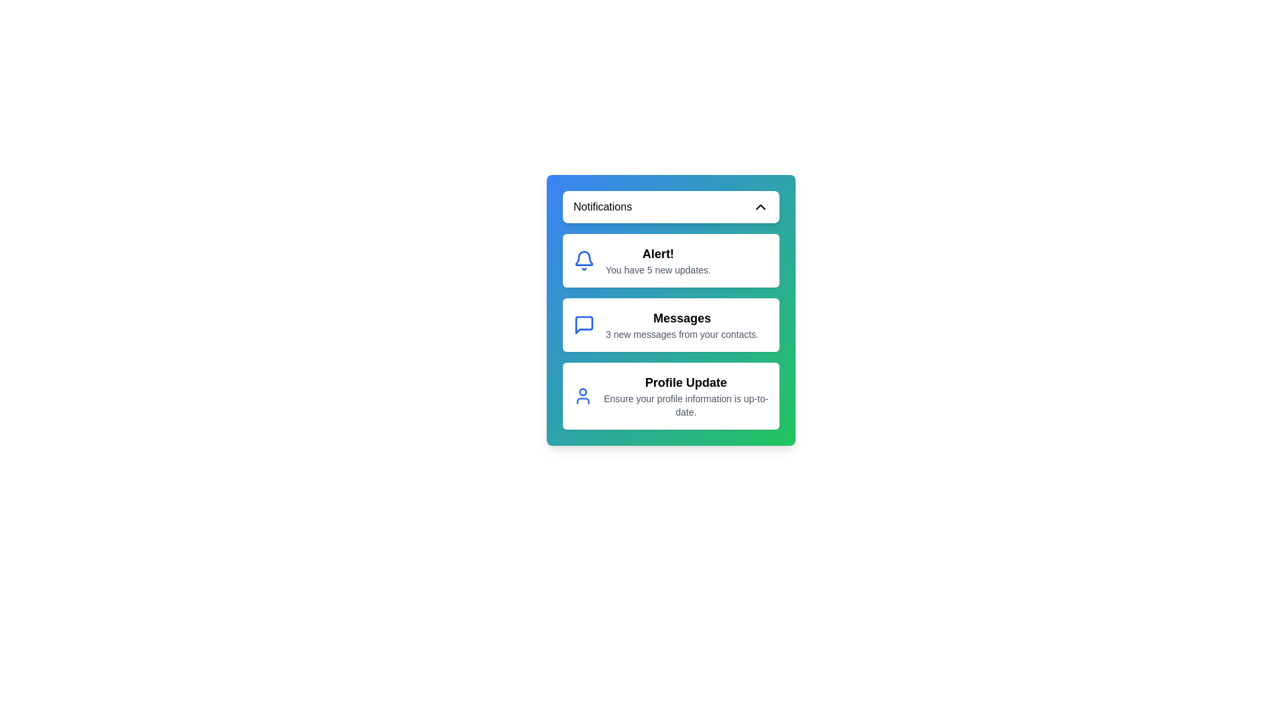  I want to click on the notification titled 'Messages' to select it, so click(671, 325).